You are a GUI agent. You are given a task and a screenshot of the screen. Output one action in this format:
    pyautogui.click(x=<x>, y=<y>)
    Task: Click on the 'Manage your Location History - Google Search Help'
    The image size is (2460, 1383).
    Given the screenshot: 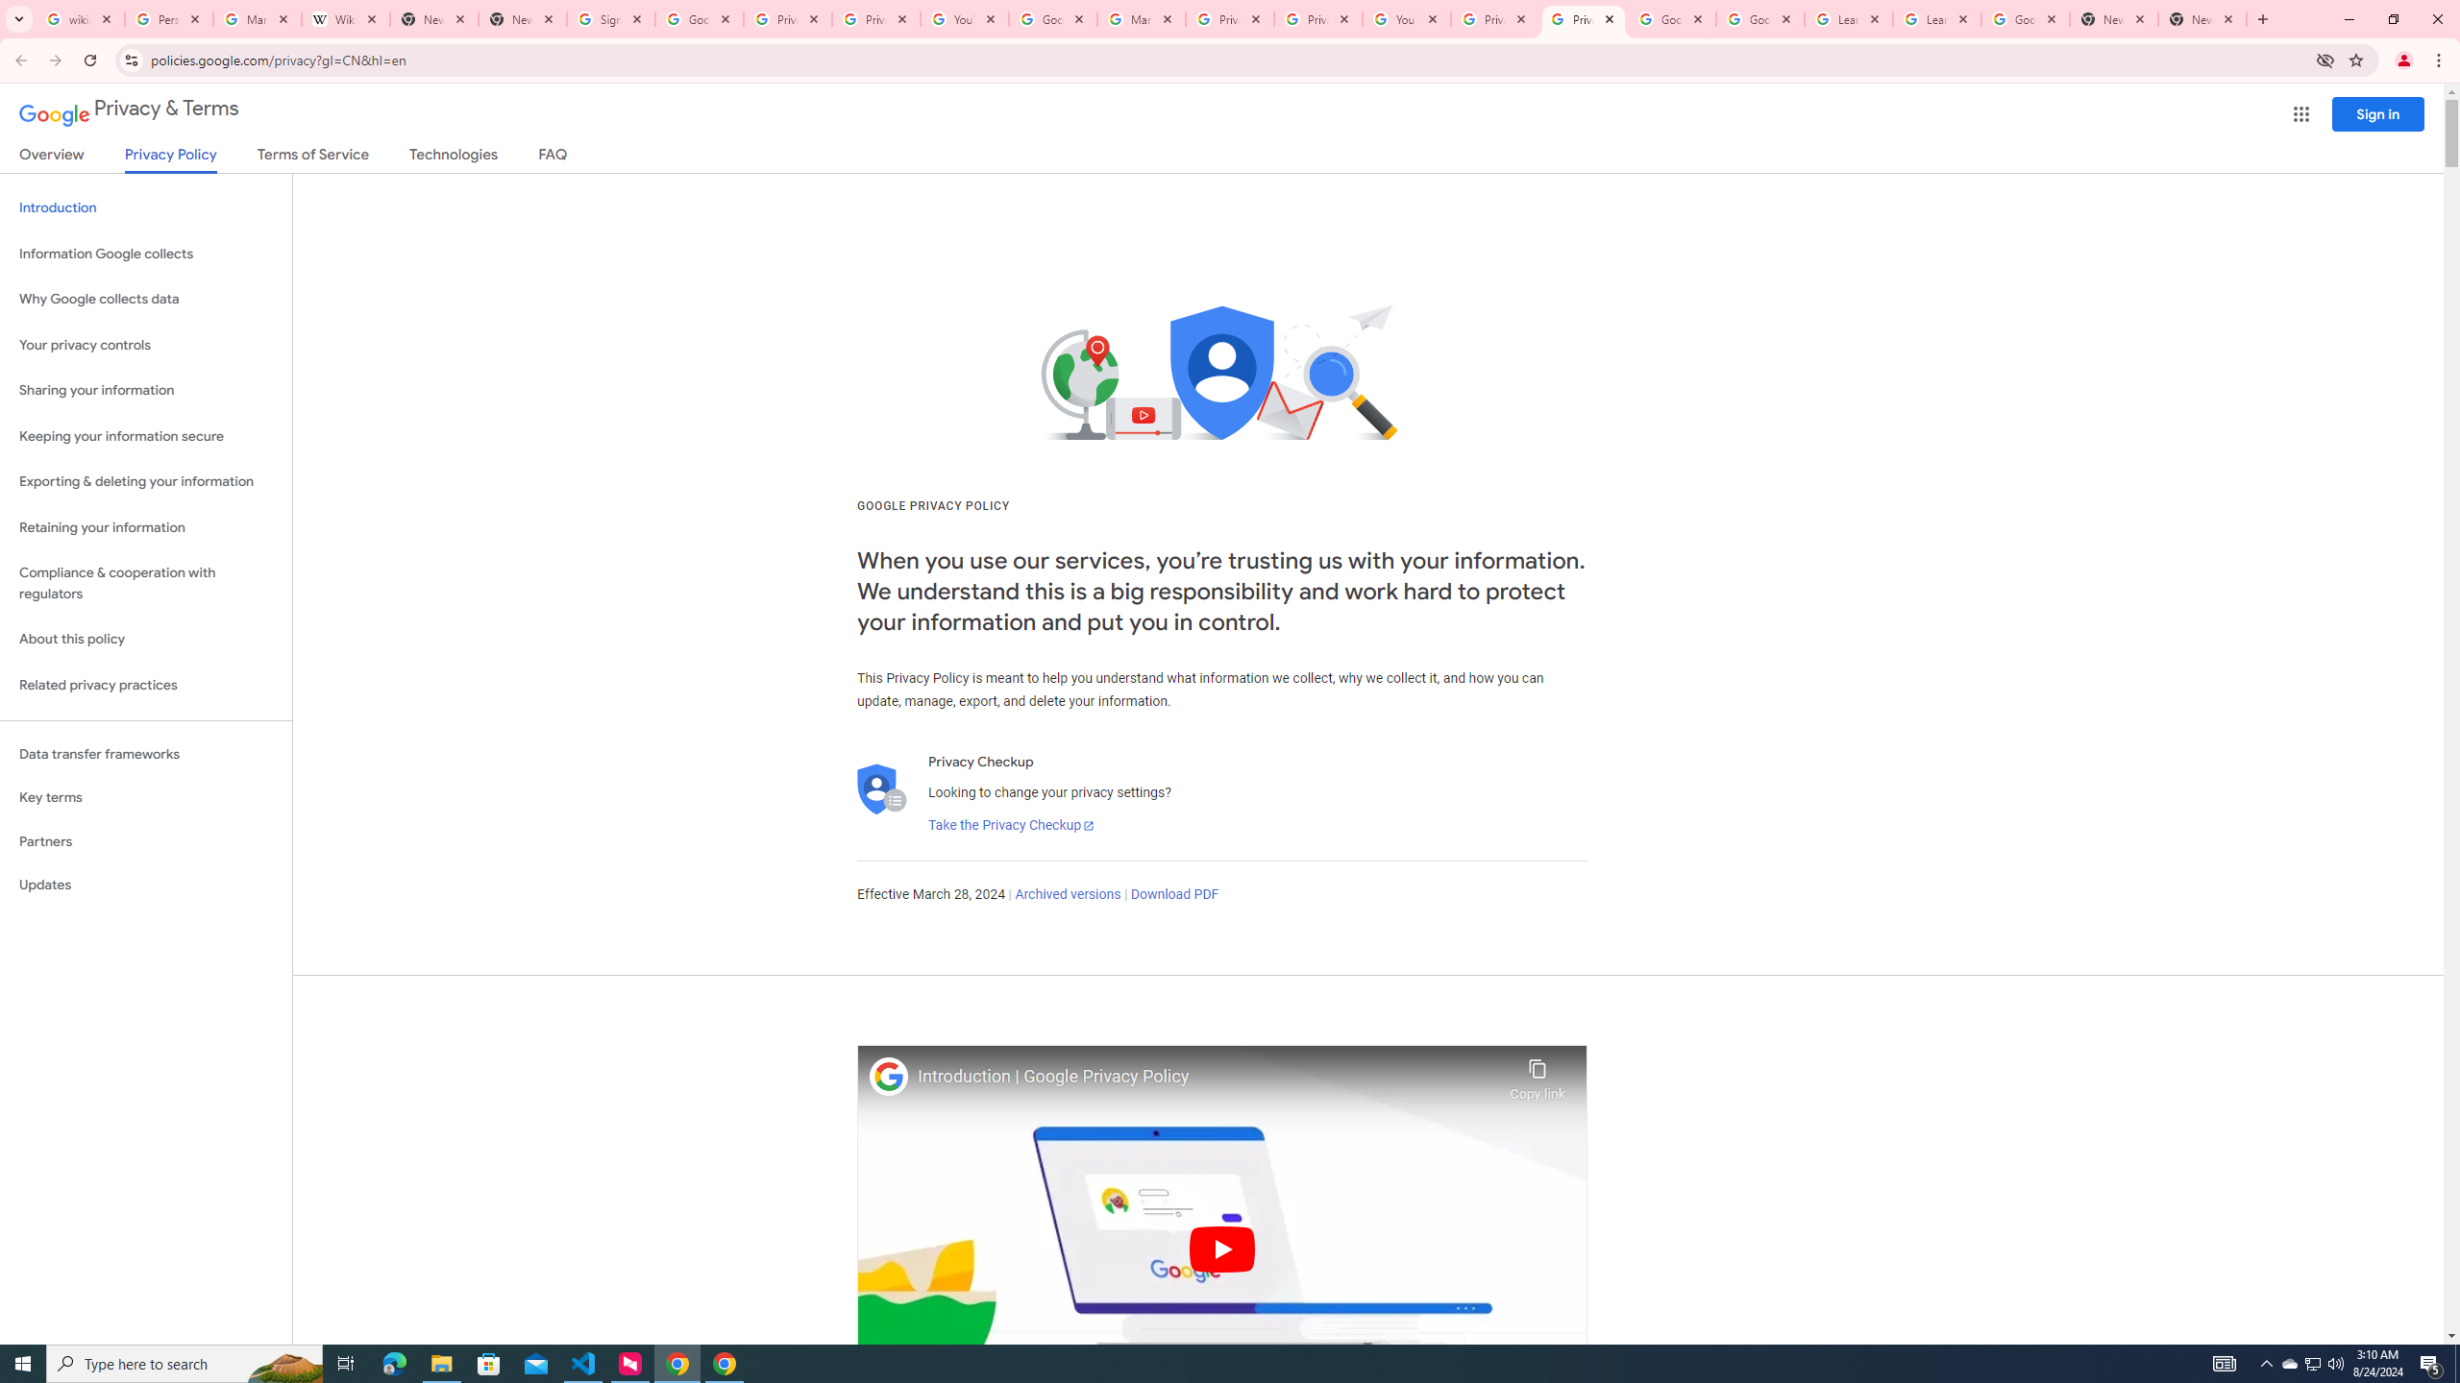 What is the action you would take?
    pyautogui.click(x=256, y=18)
    